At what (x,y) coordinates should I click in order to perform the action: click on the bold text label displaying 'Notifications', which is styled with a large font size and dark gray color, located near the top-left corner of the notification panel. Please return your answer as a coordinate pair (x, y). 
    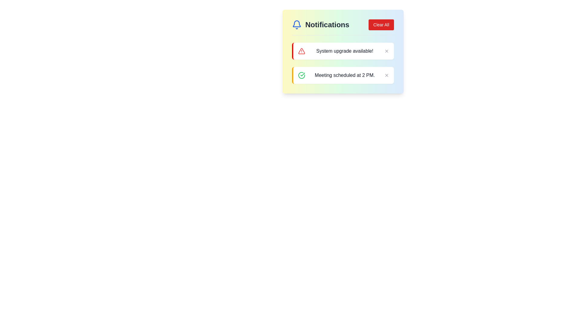
    Looking at the image, I should click on (327, 24).